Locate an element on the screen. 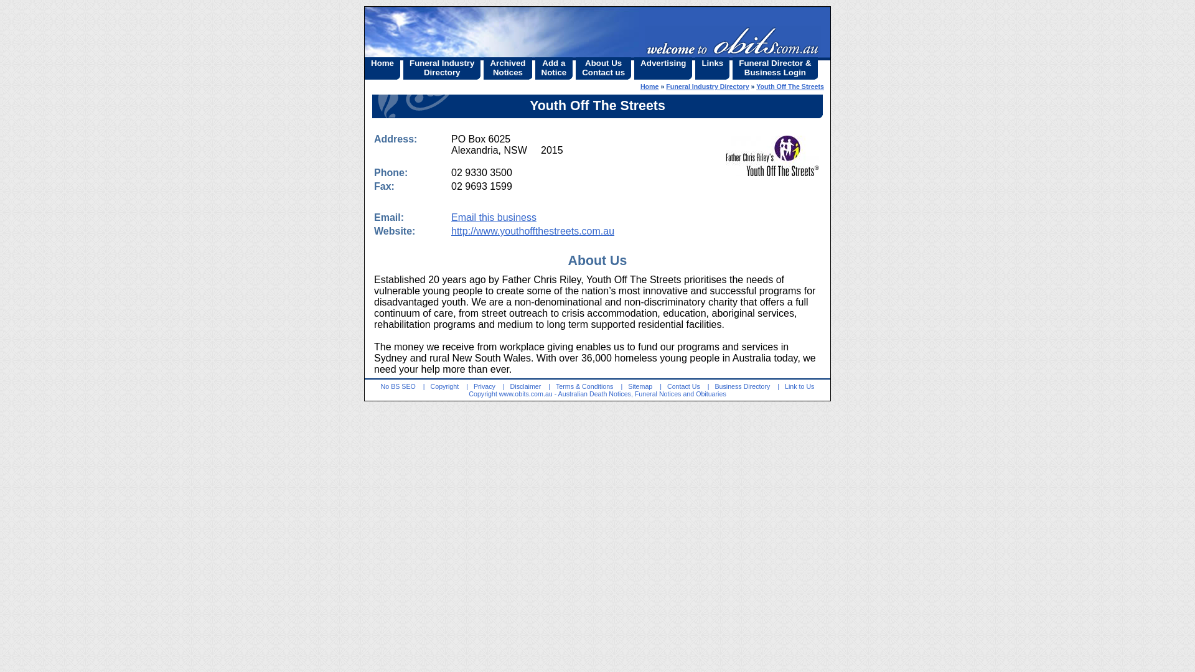 This screenshot has height=672, width=1195. 'Privacy' is located at coordinates (484, 386).